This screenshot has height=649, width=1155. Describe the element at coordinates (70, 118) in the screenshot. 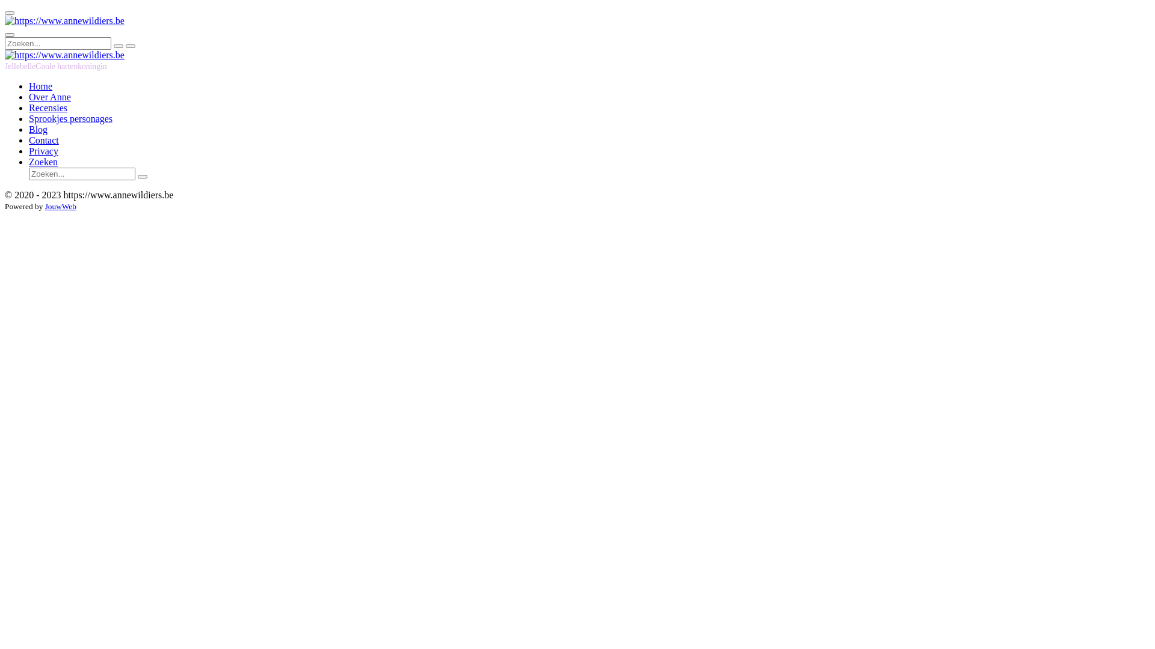

I see `'Sprookjes personages'` at that location.